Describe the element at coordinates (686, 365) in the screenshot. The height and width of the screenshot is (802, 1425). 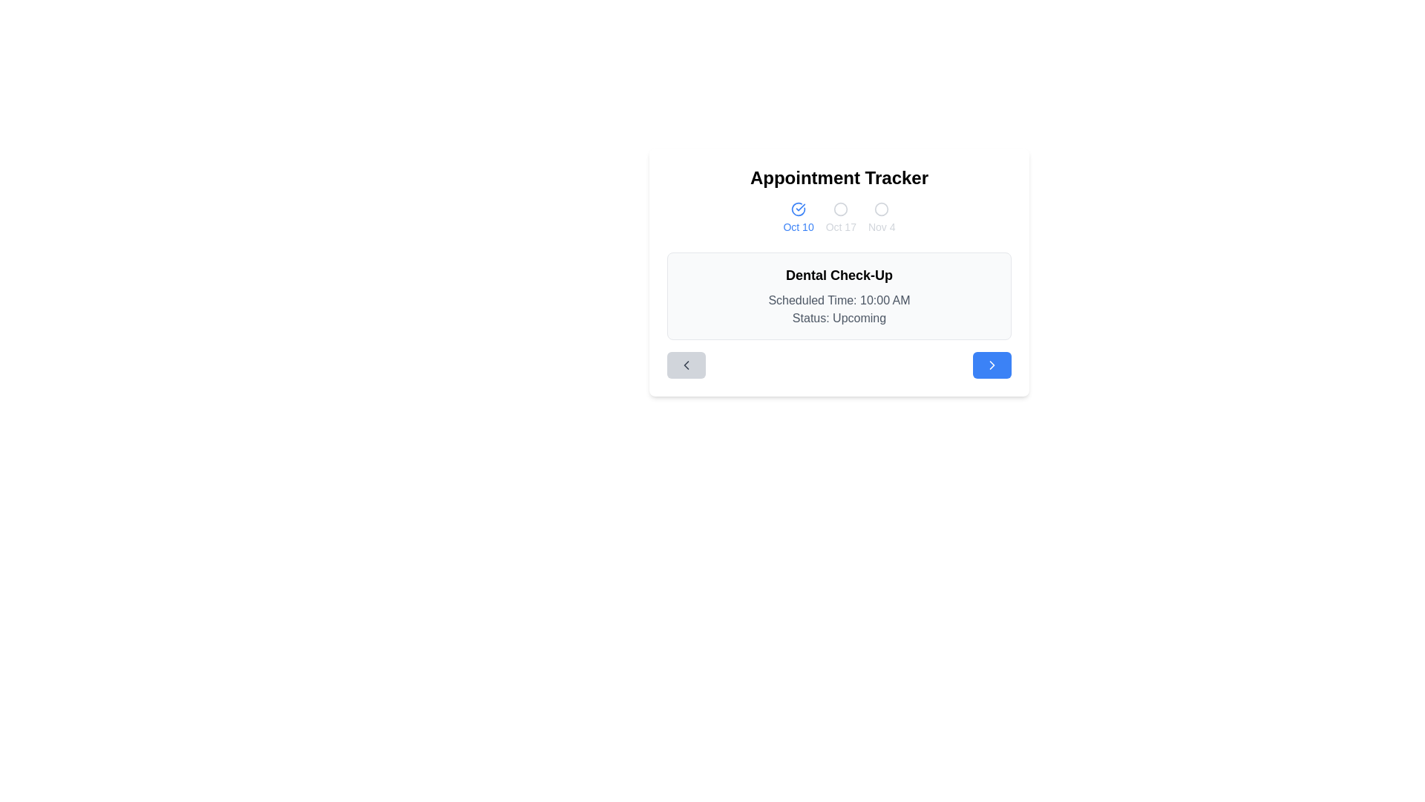
I see `the small left-chevron icon within the rounded rectangular button at the bottom-left of the 'Appointment Tracker' interface` at that location.